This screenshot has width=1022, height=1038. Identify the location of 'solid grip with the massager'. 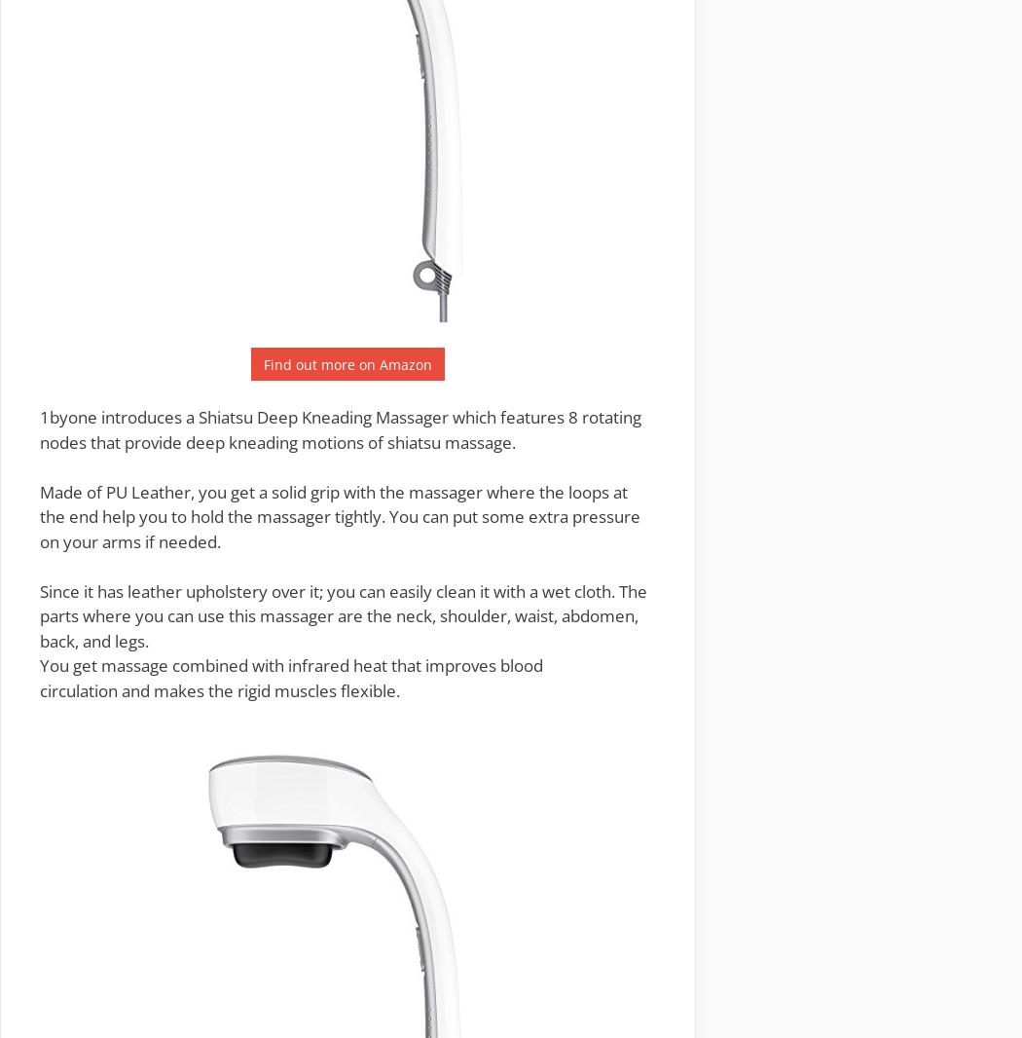
(377, 491).